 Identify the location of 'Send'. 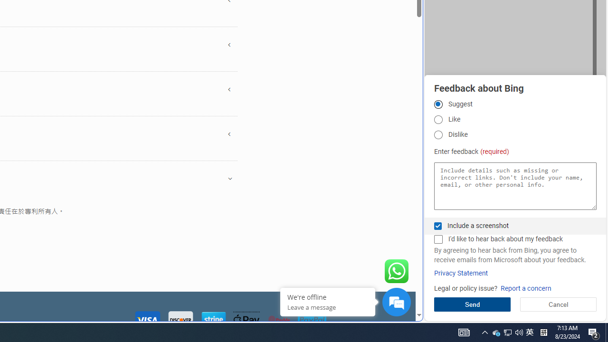
(472, 304).